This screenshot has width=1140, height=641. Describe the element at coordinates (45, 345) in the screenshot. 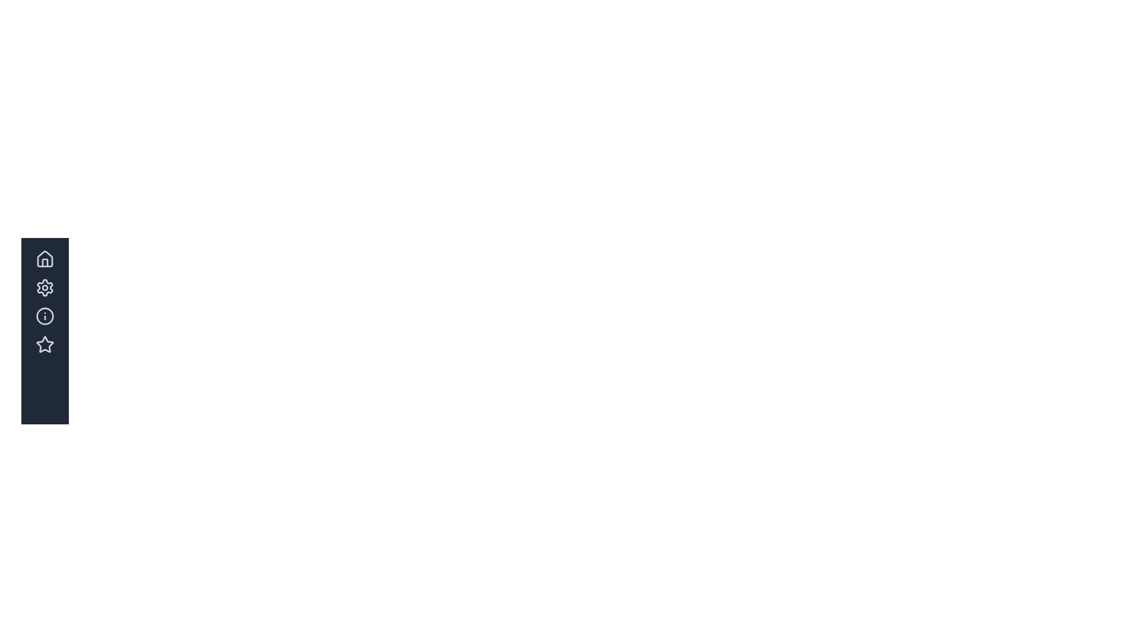

I see `the star-shaped icon in the left sidebar, which represents the 'Access your favorites' action and is the fourth option in a vertical stack of icons` at that location.